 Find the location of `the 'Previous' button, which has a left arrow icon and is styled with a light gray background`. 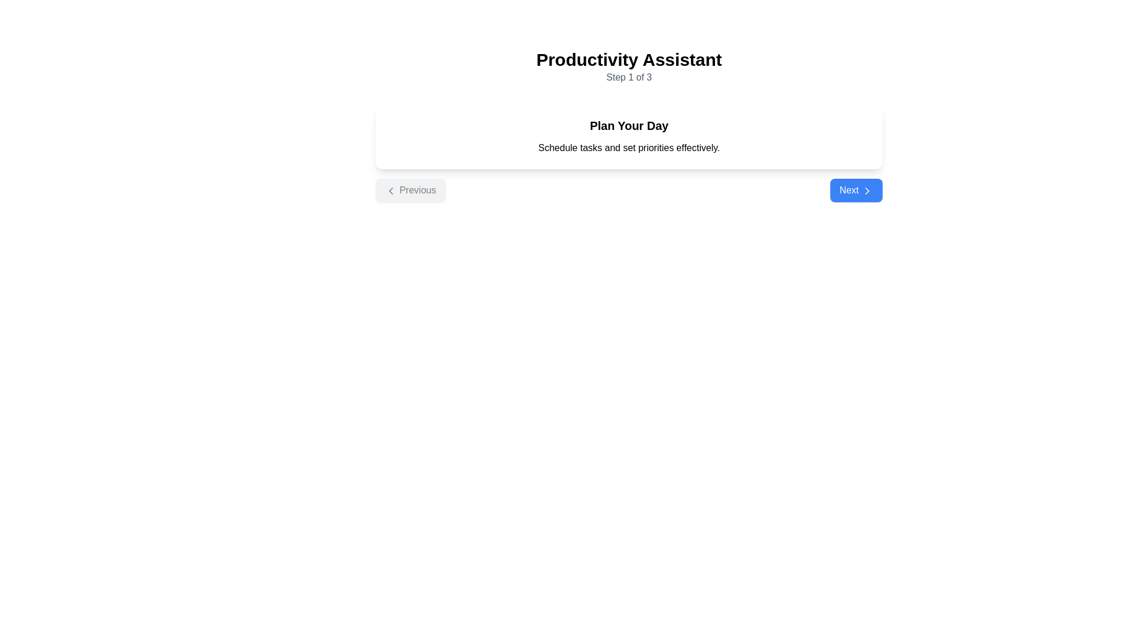

the 'Previous' button, which has a left arrow icon and is styled with a light gray background is located at coordinates (410, 190).